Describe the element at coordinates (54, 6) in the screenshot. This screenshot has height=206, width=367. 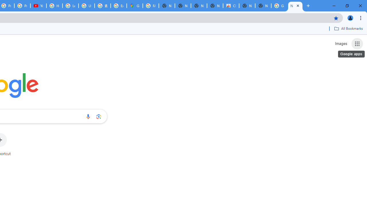
I see `'How Chrome protects your passwords - Google Chrome Help'` at that location.